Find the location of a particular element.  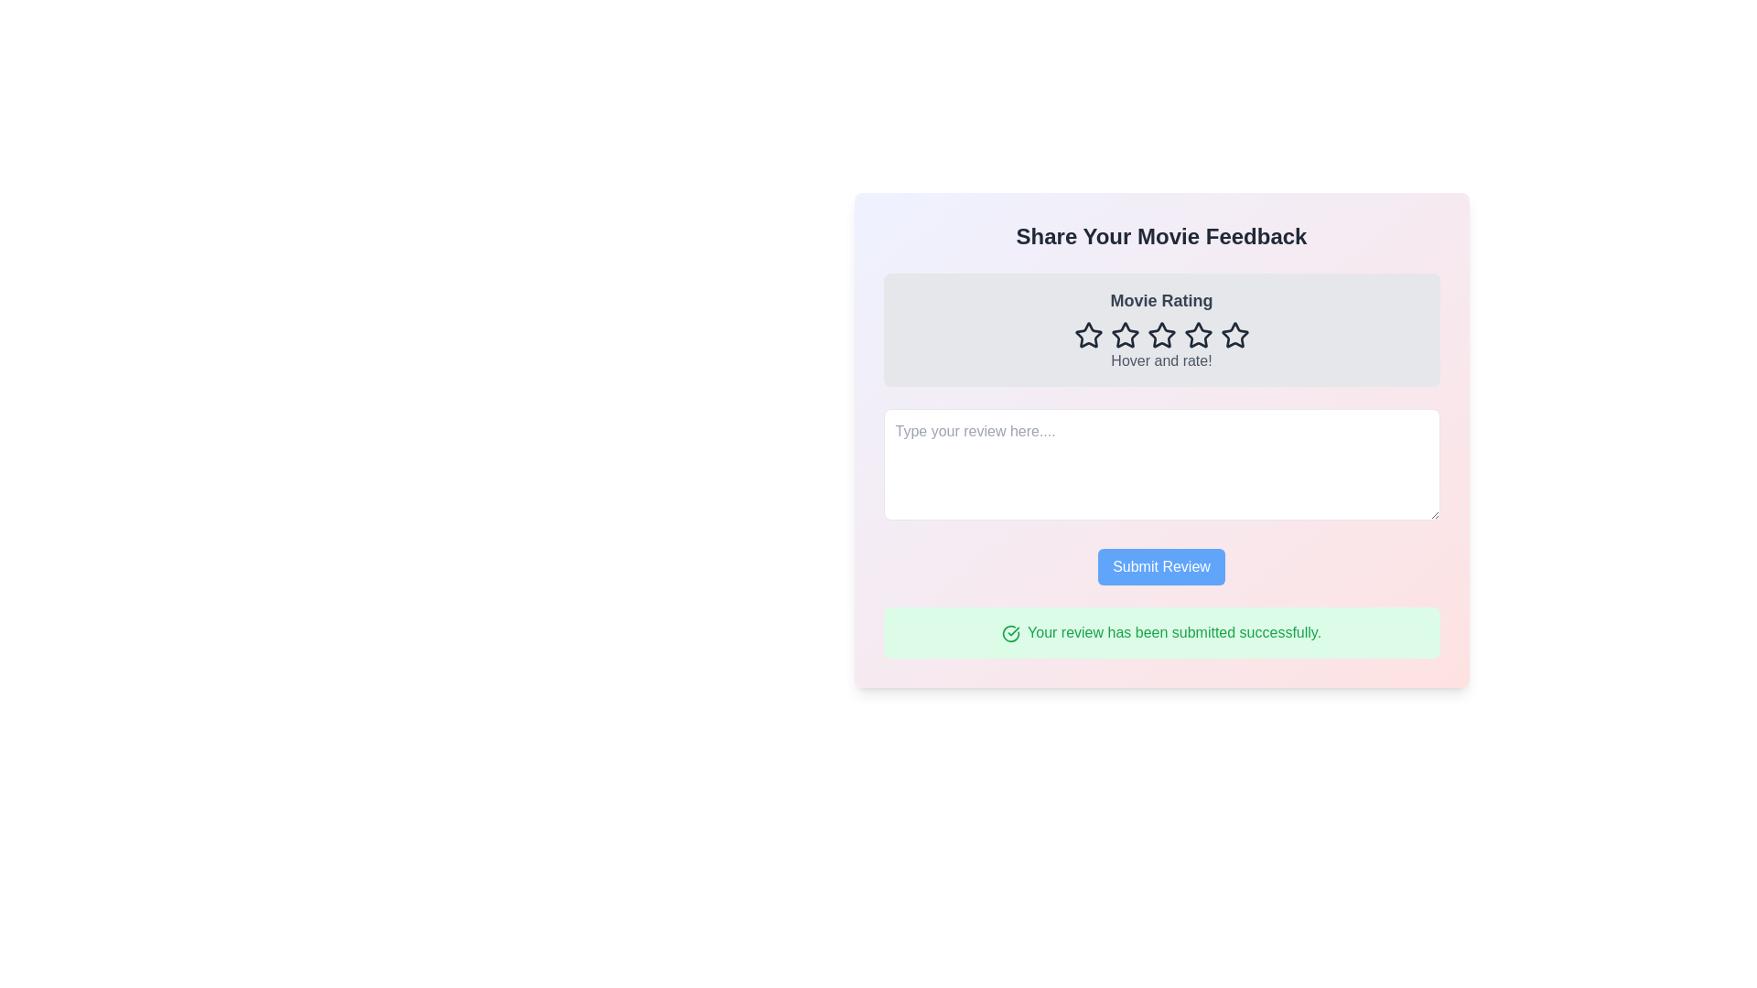

the fifth star icon in the Movie Rating section to give a 5-star rating is located at coordinates (1234, 335).